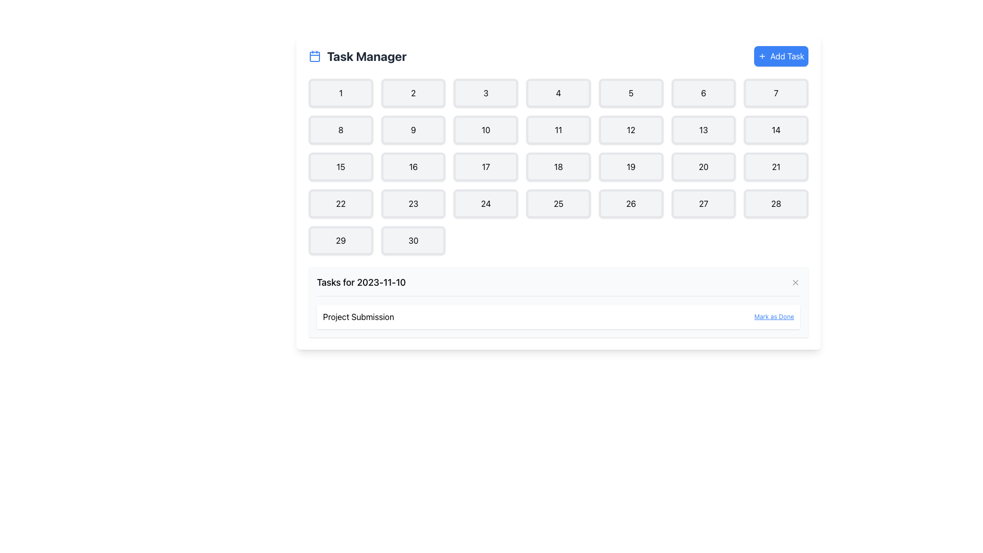 The width and height of the screenshot is (983, 553). What do you see at coordinates (340, 93) in the screenshot?
I see `the button representing the date '1' in the calendar interface` at bounding box center [340, 93].